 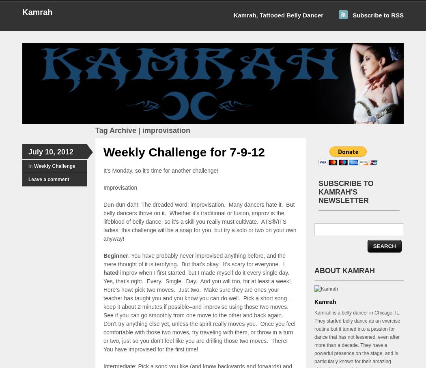 I want to click on ': You have probably never improvised anything before, and the mere thought of it is terrifying.  But that’s okay.  It’s scary for everyone.  I', so click(x=194, y=259).